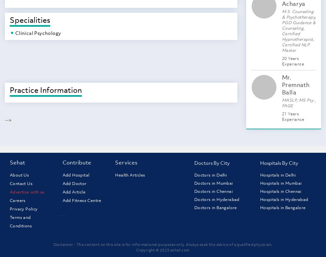  I want to click on 'Hospitals in Delhi', so click(277, 174).